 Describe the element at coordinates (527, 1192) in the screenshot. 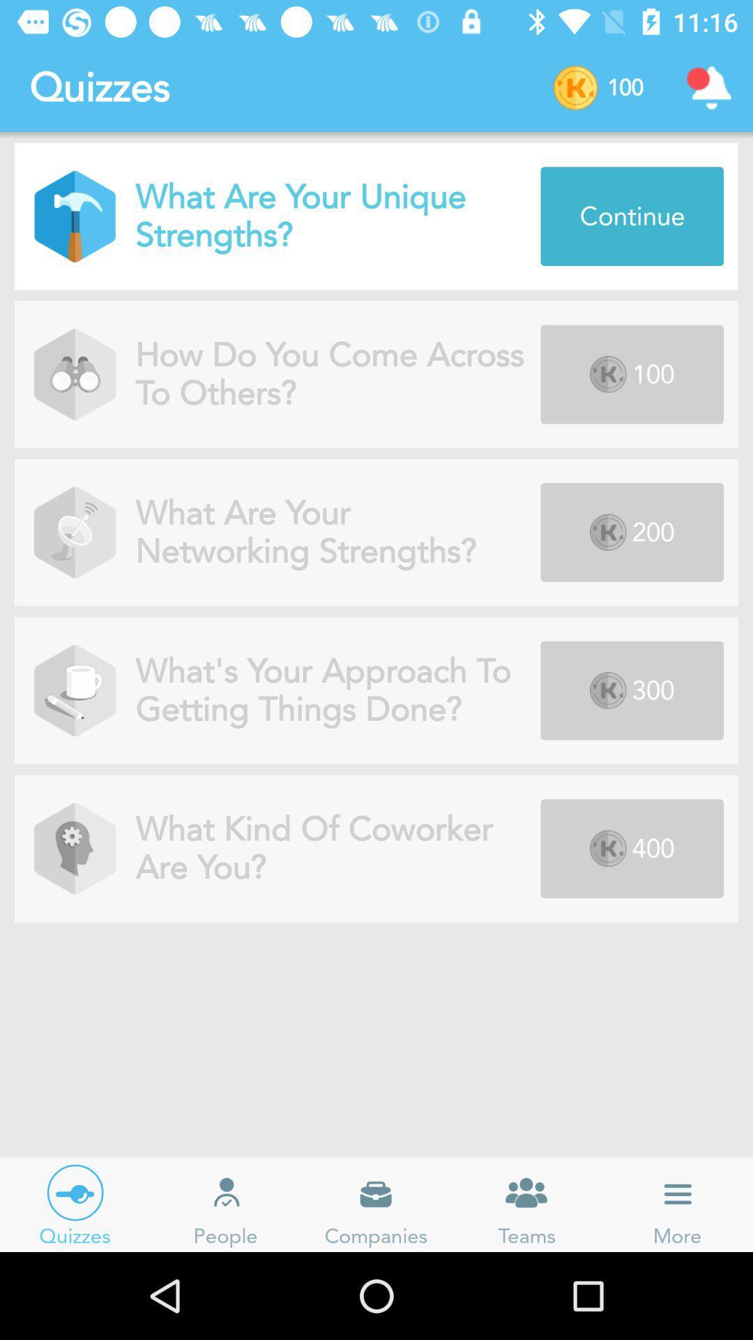

I see `the icon above teams on the bottom of the page` at that location.